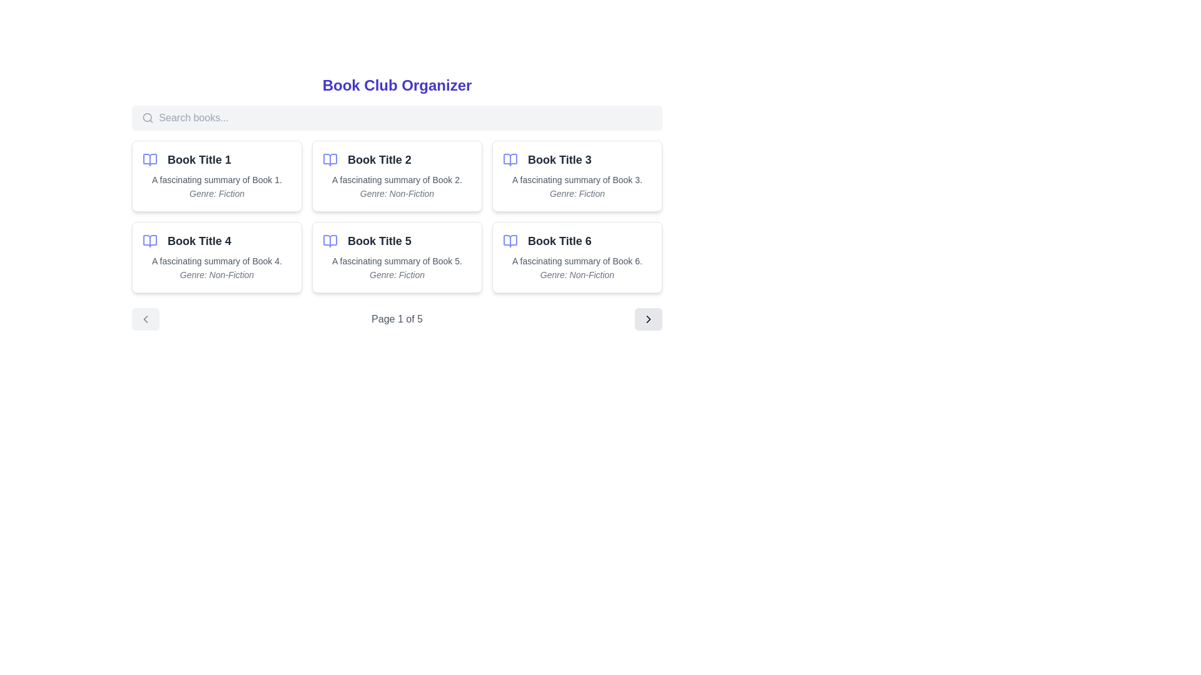  What do you see at coordinates (396, 176) in the screenshot?
I see `the Card element displaying details about a specific book, located in the top row, center column of the grid layout` at bounding box center [396, 176].